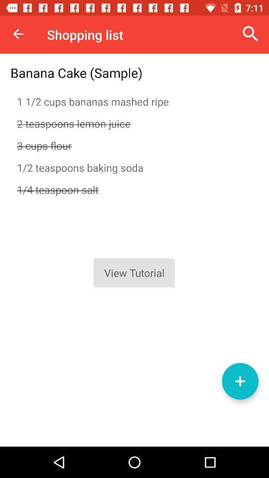 The height and width of the screenshot is (478, 269). I want to click on the icon below 2 teaspoons lemon icon, so click(134, 145).